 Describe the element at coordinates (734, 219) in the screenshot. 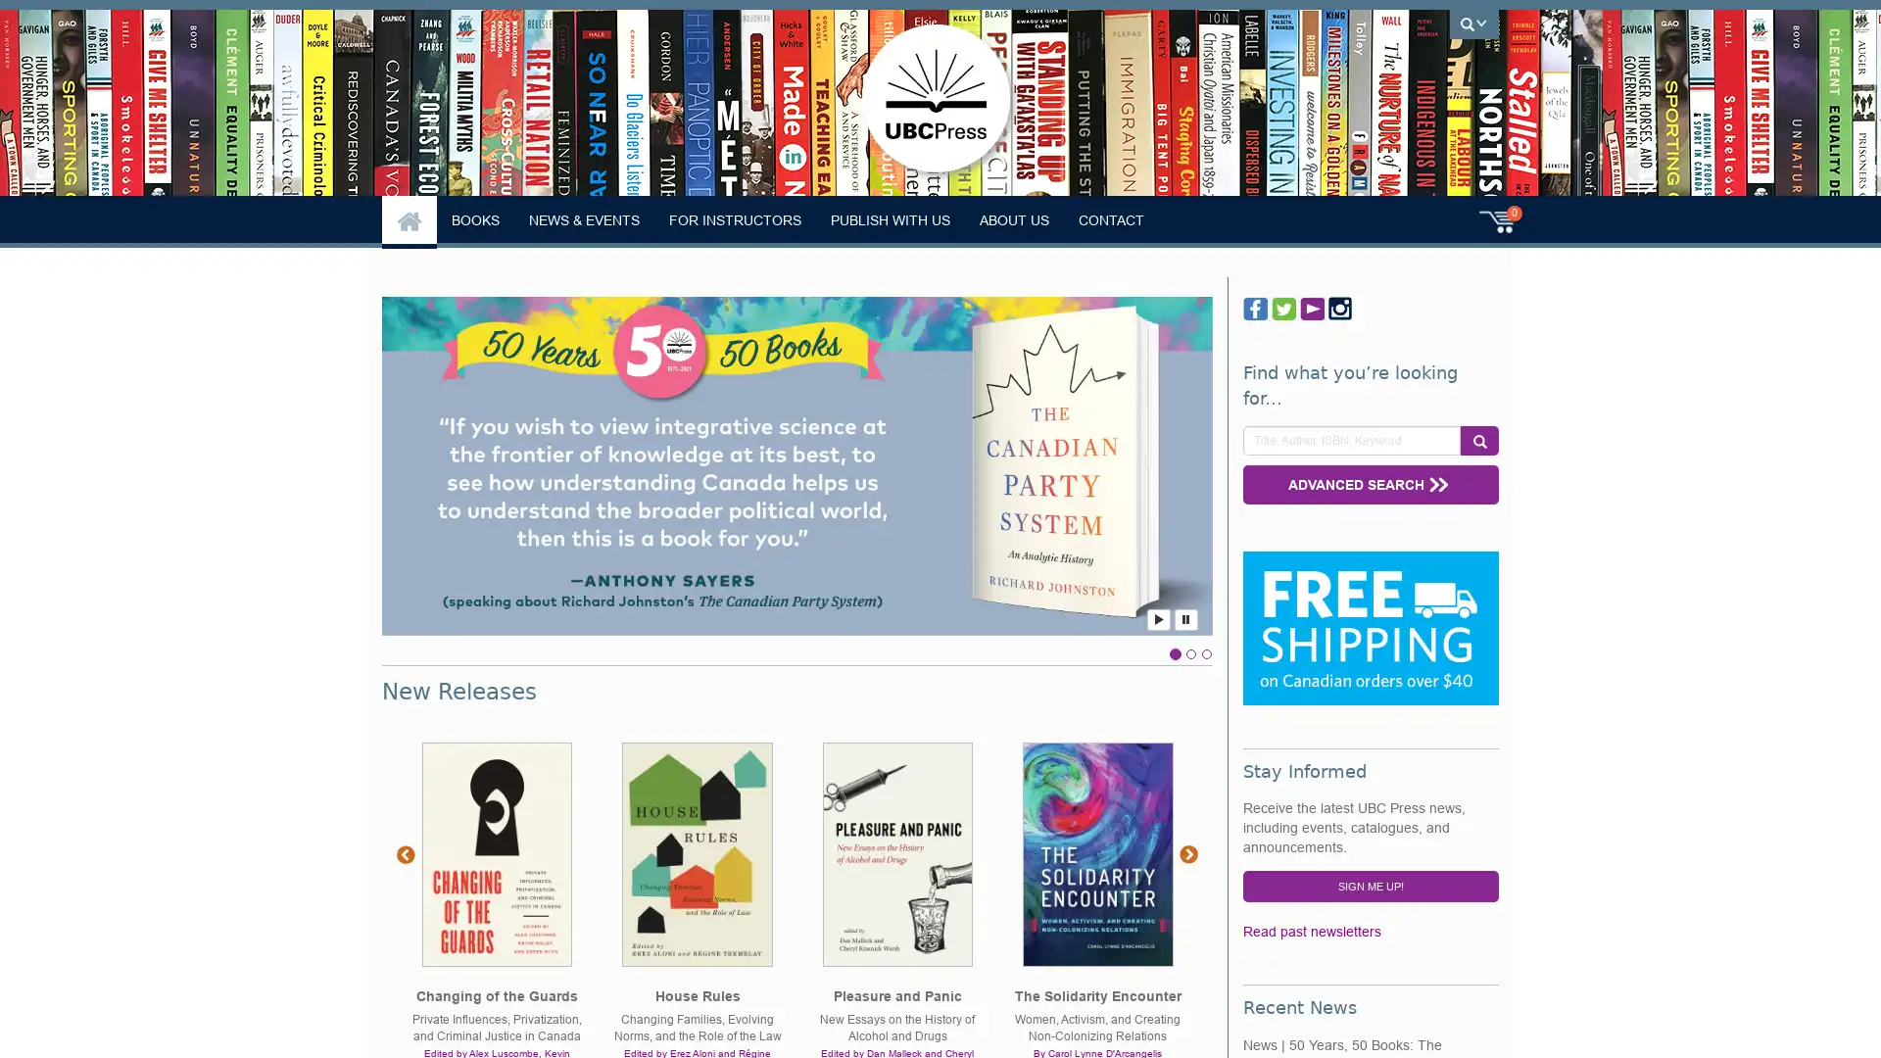

I see `FOR INSTRUCTORS` at that location.